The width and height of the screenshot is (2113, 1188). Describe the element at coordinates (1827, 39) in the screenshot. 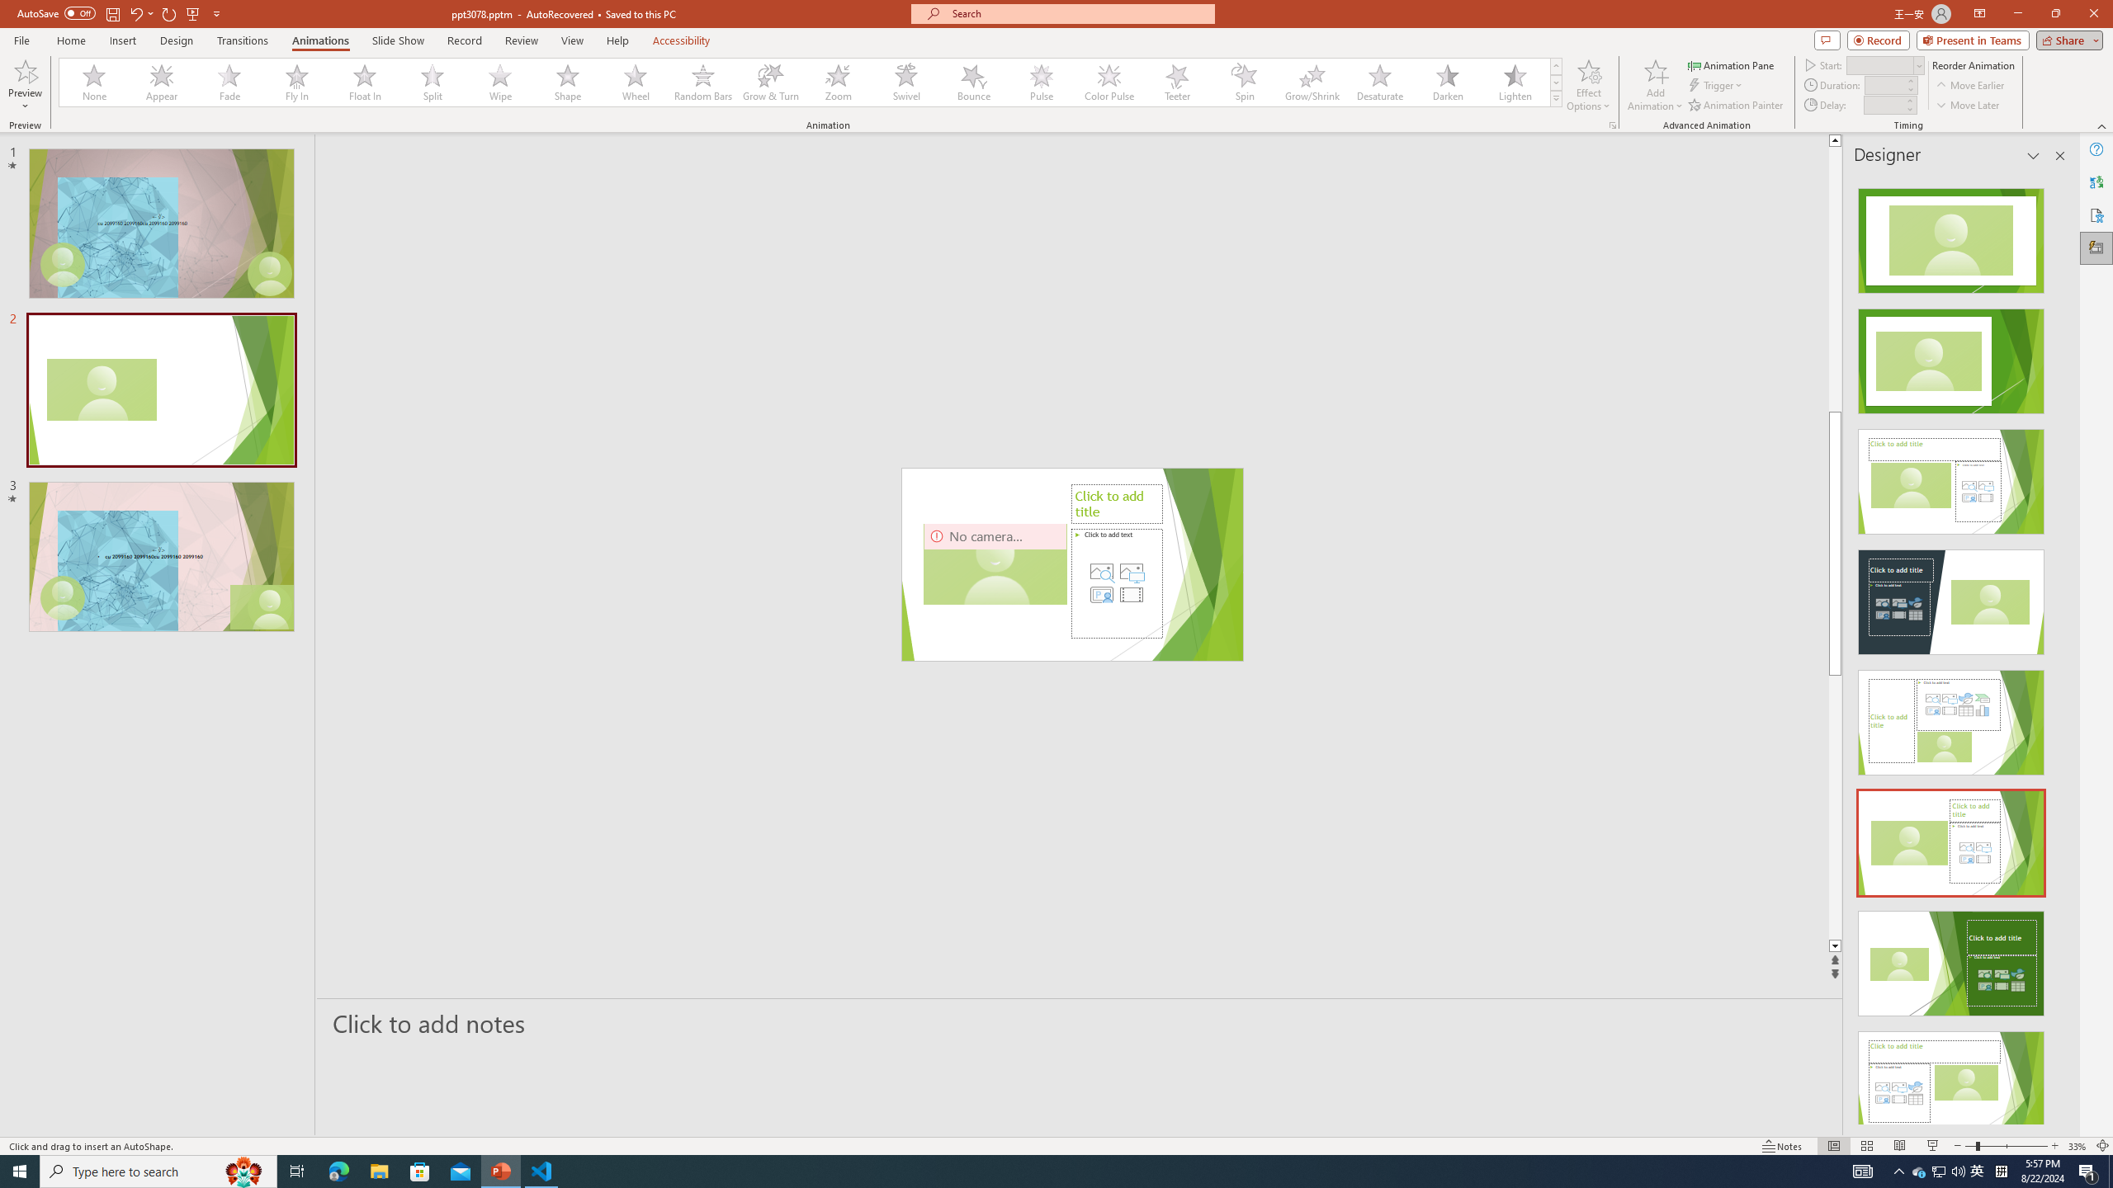

I see `'Comments'` at that location.